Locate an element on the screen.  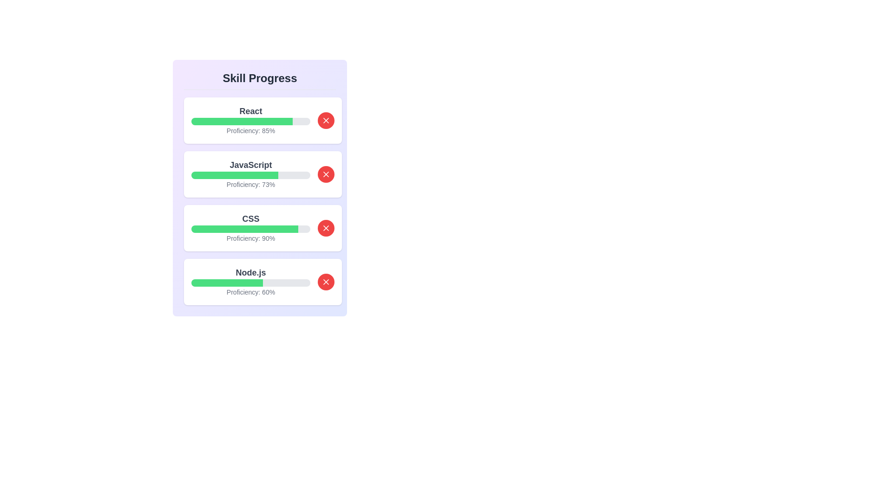
remove button for the skill React is located at coordinates (326, 120).